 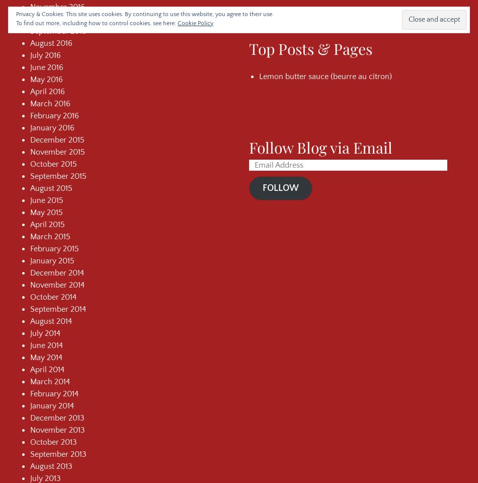 What do you see at coordinates (46, 78) in the screenshot?
I see `'May 2016'` at bounding box center [46, 78].